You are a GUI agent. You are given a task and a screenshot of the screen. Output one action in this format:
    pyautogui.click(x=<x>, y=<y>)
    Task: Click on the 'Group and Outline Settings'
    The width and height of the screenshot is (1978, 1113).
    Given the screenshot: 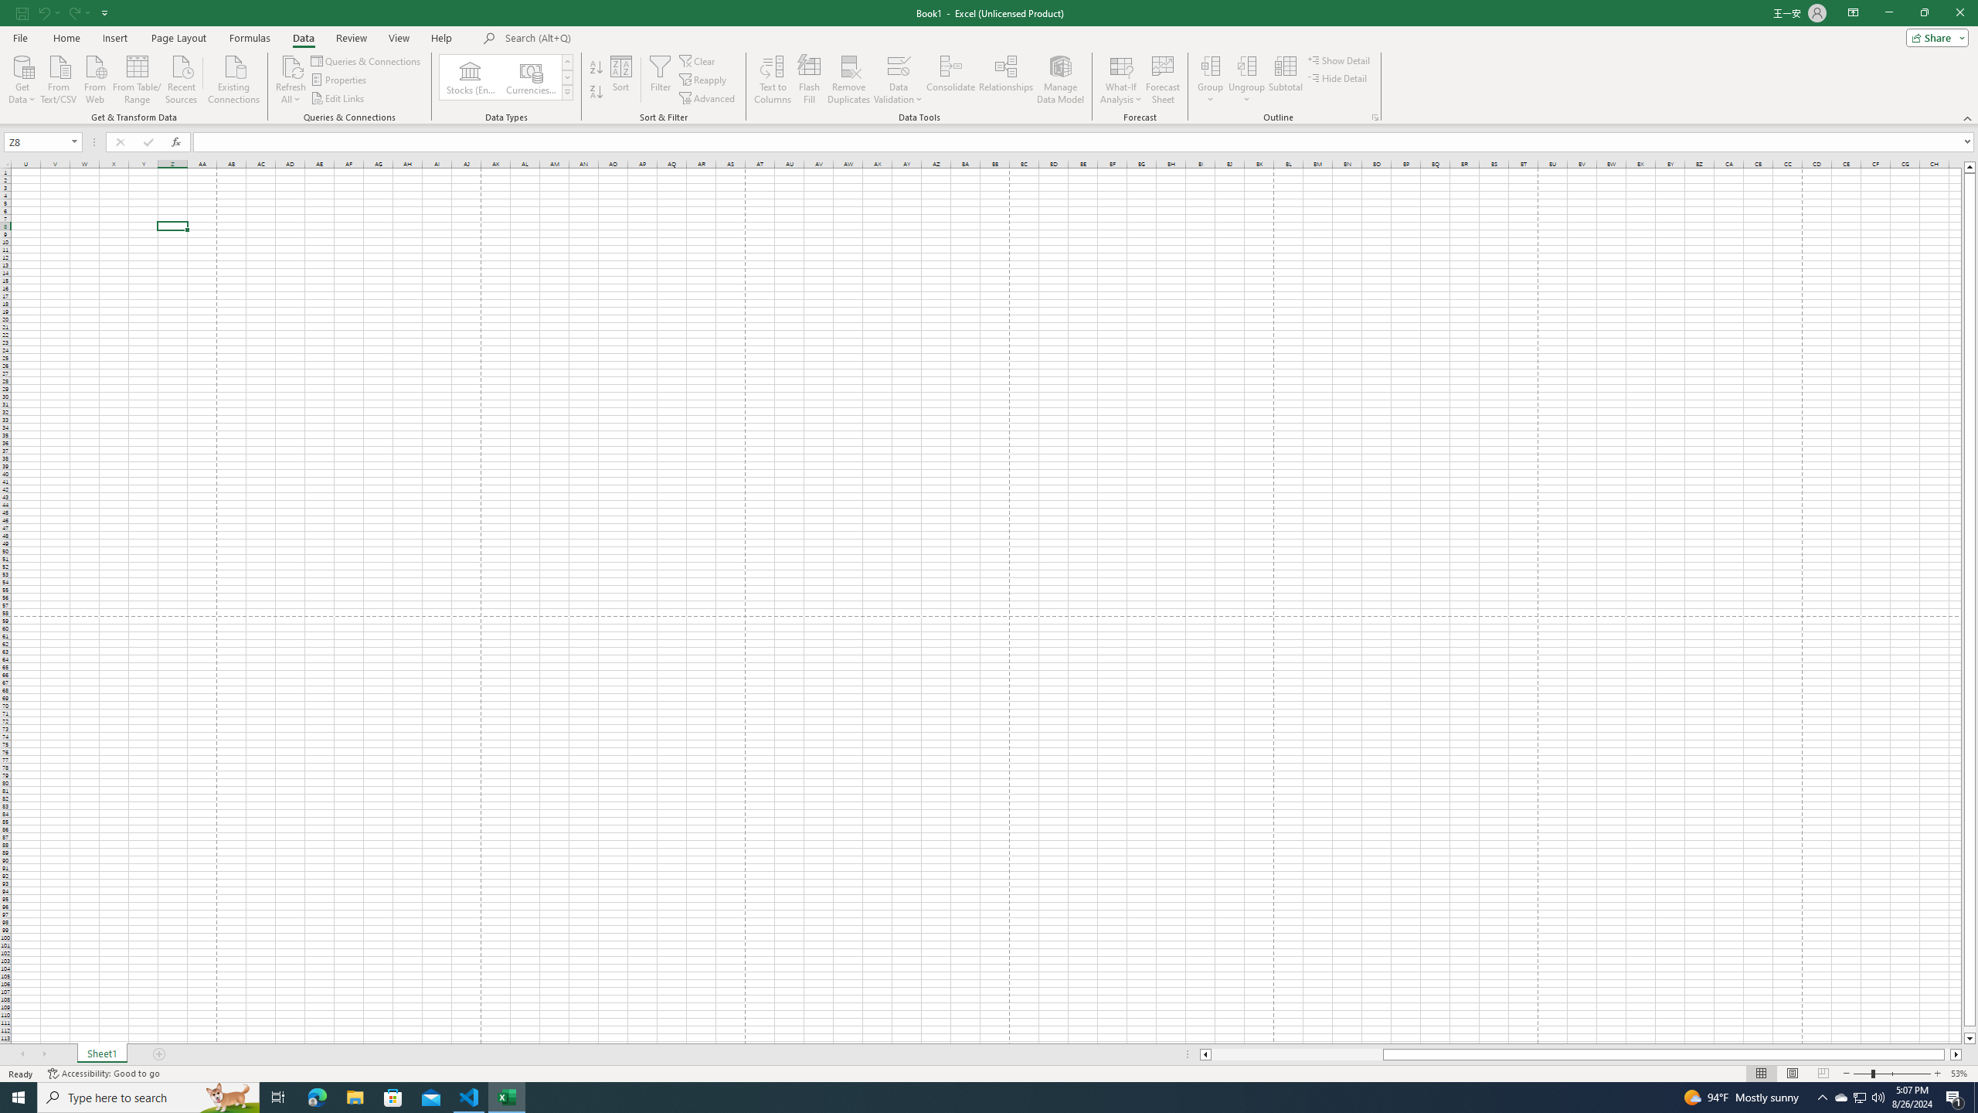 What is the action you would take?
    pyautogui.click(x=1374, y=116)
    